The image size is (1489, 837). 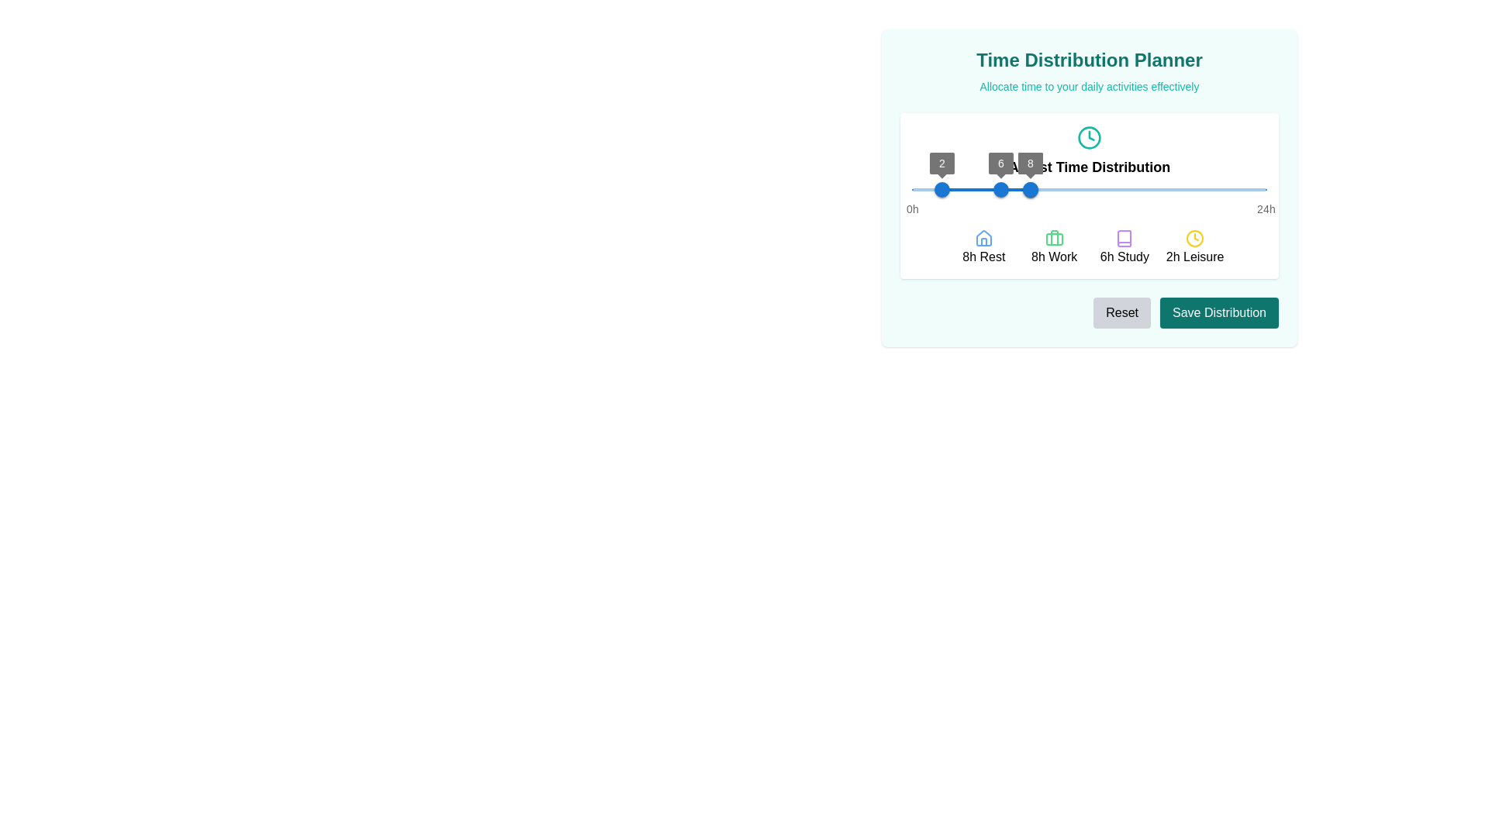 What do you see at coordinates (908, 189) in the screenshot?
I see `the slider value` at bounding box center [908, 189].